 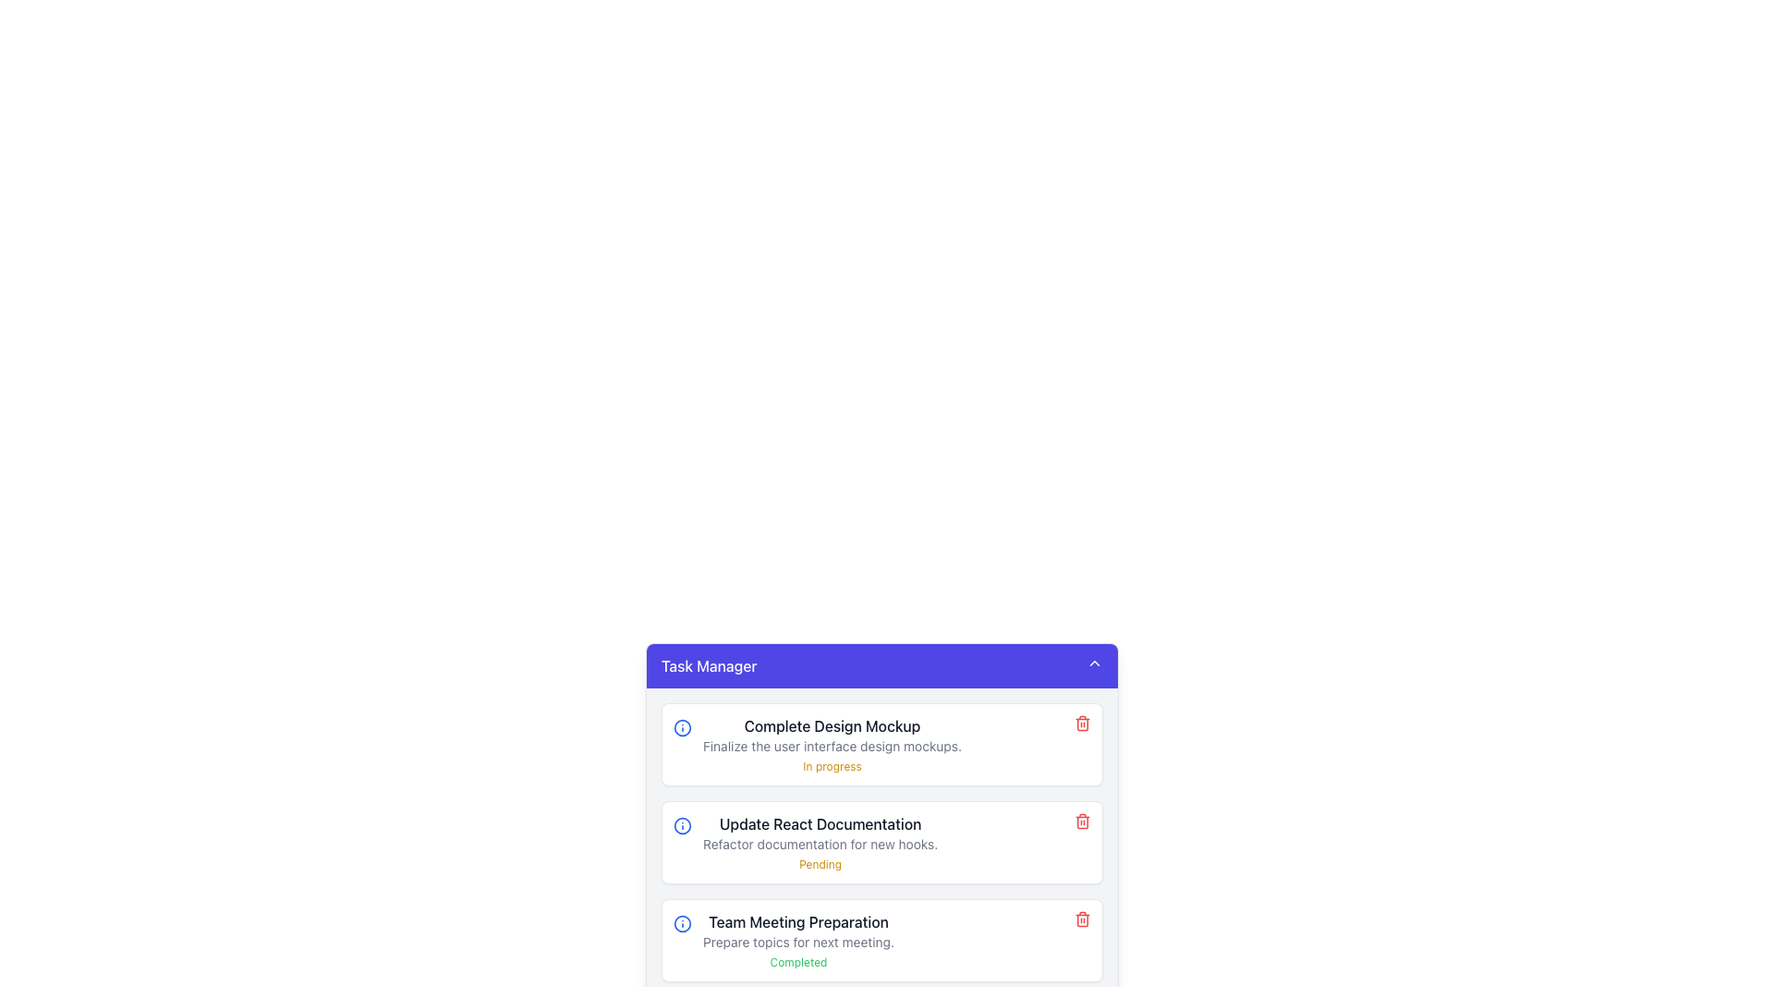 What do you see at coordinates (820, 865) in the screenshot?
I see `the small yellow text label reading 'Pending' located in the second task card of the Task Manager interface, which indicates a warning or pending status` at bounding box center [820, 865].